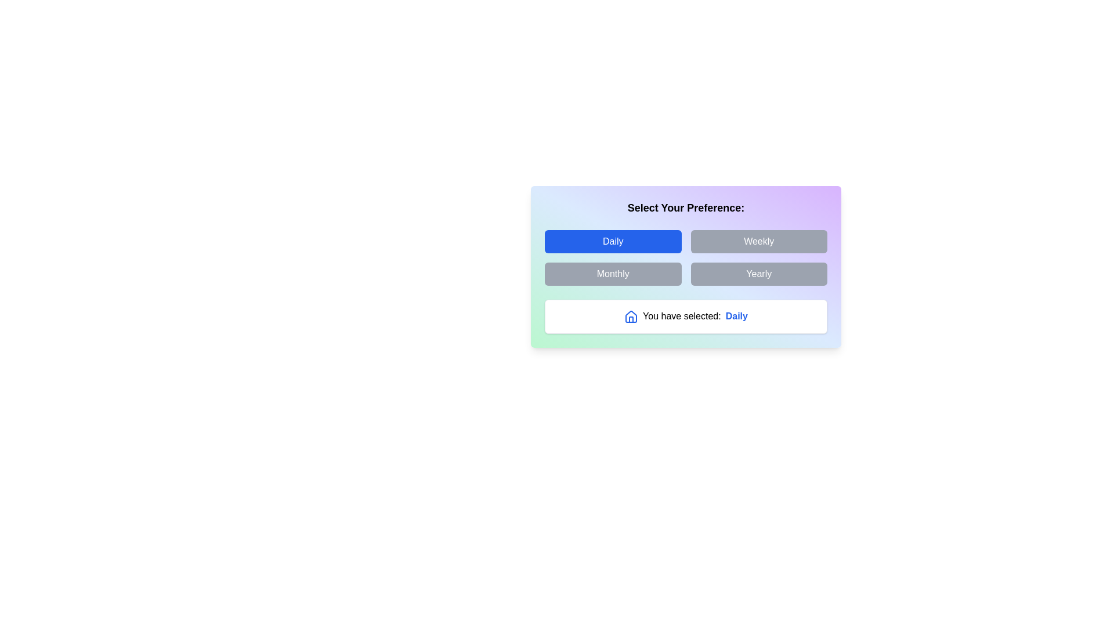 The image size is (1114, 626). What do you see at coordinates (631, 316) in the screenshot?
I see `the house-shaped icon outlined in blue, which is positioned to the left of the text 'You have selected: Daily'` at bounding box center [631, 316].